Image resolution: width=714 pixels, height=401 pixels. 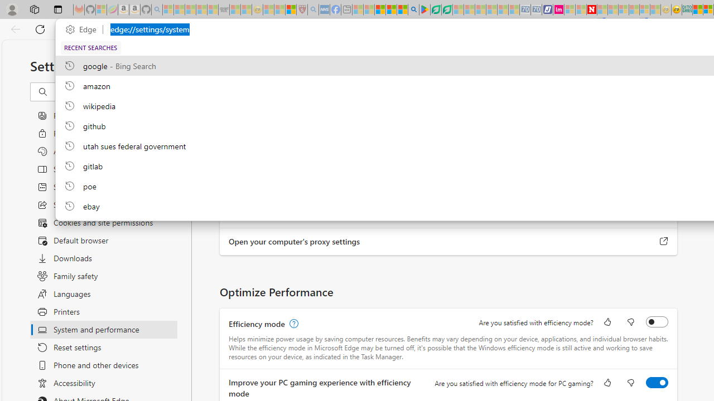 What do you see at coordinates (435, 9) in the screenshot?
I see `'Terms of Use Agreement'` at bounding box center [435, 9].